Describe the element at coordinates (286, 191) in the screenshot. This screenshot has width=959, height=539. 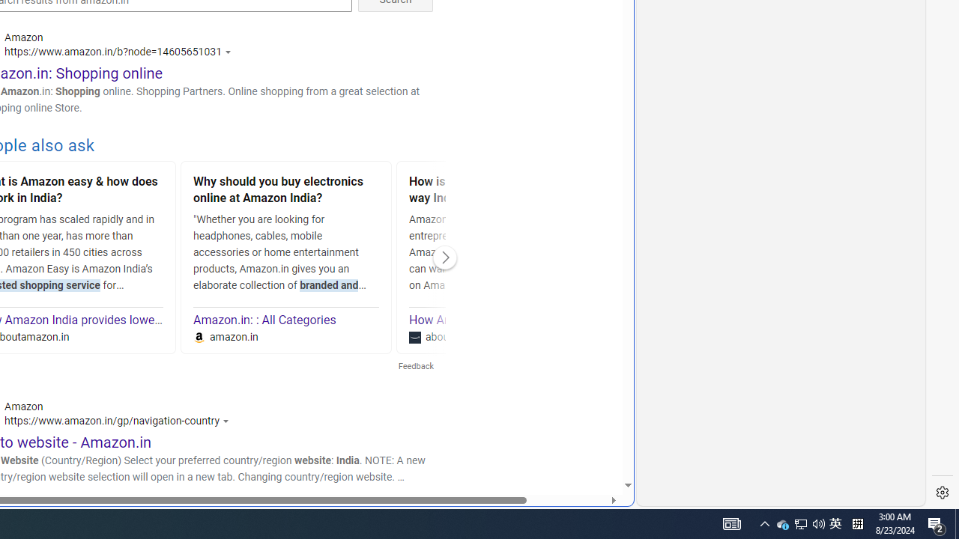
I see `'Why should you buy electronics online at Amazon India?'` at that location.